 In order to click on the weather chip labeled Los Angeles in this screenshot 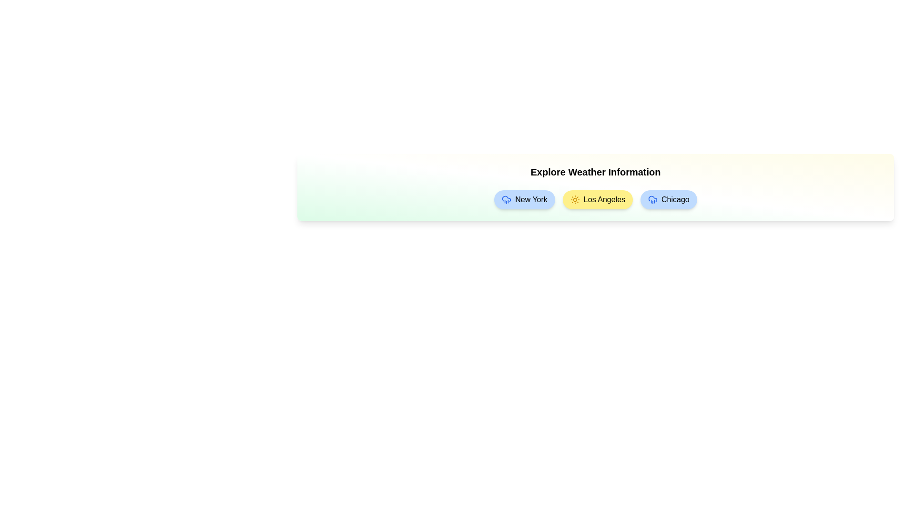, I will do `click(597, 199)`.